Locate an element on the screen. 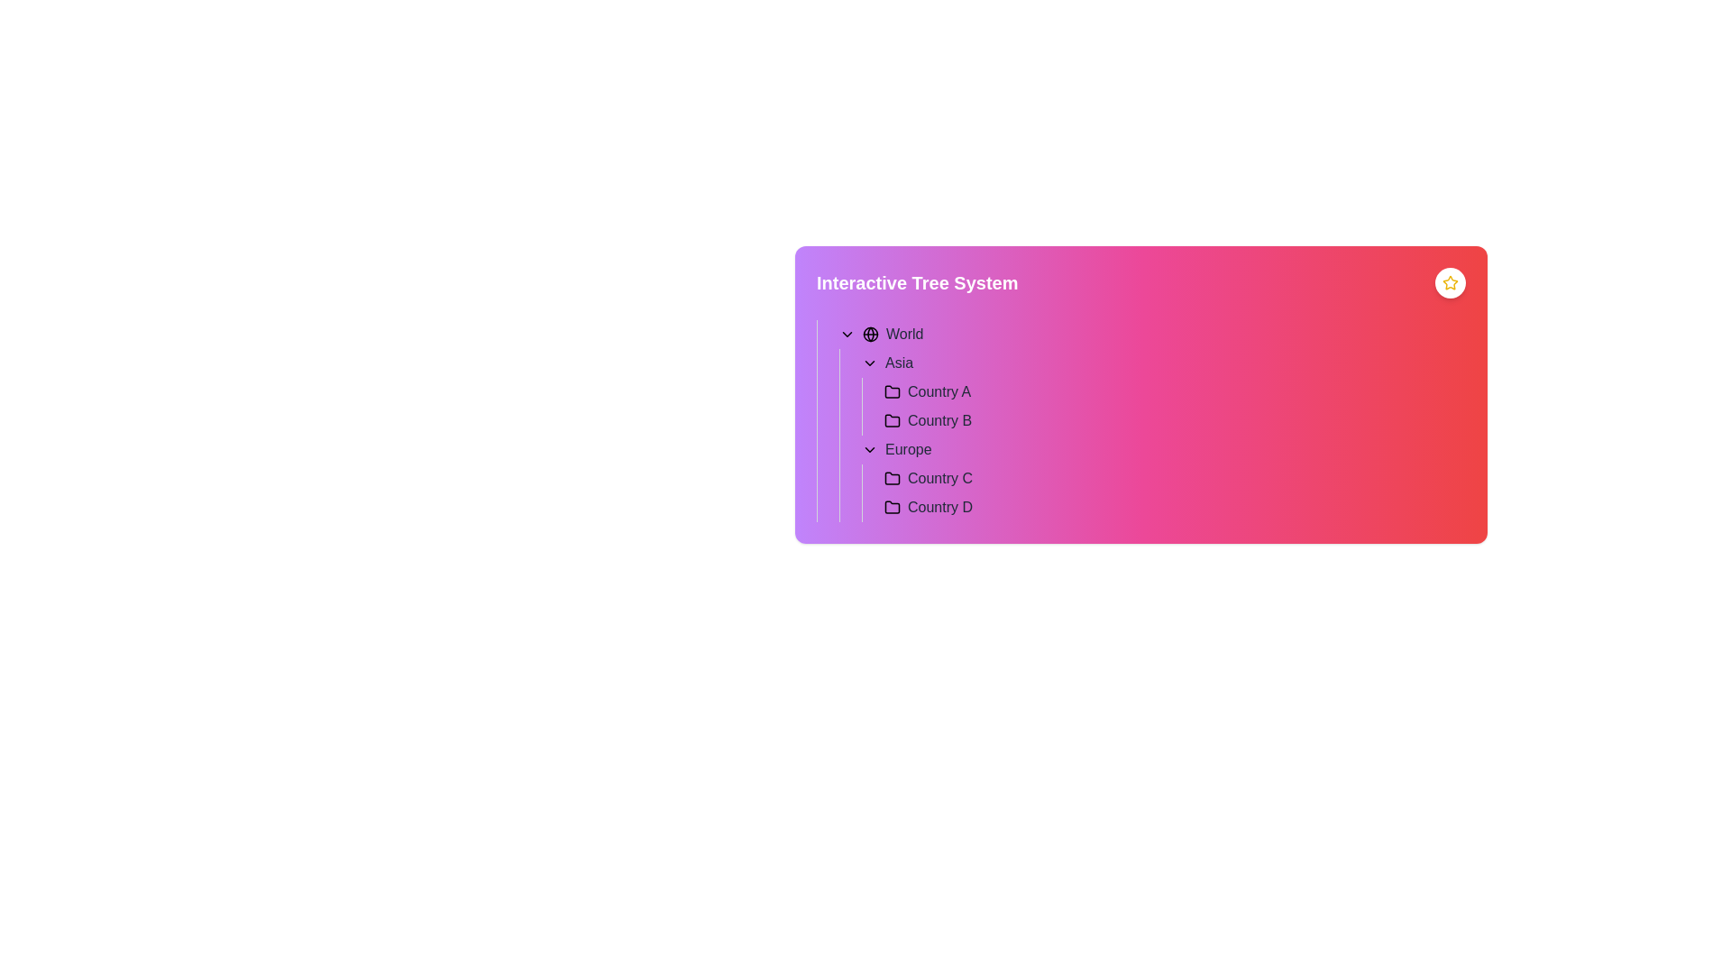 The height and width of the screenshot is (974, 1731). the icon button located at the top-right corner of the red gradient section, to the right of the 'Interactive Tree System' title is located at coordinates (1450, 282).